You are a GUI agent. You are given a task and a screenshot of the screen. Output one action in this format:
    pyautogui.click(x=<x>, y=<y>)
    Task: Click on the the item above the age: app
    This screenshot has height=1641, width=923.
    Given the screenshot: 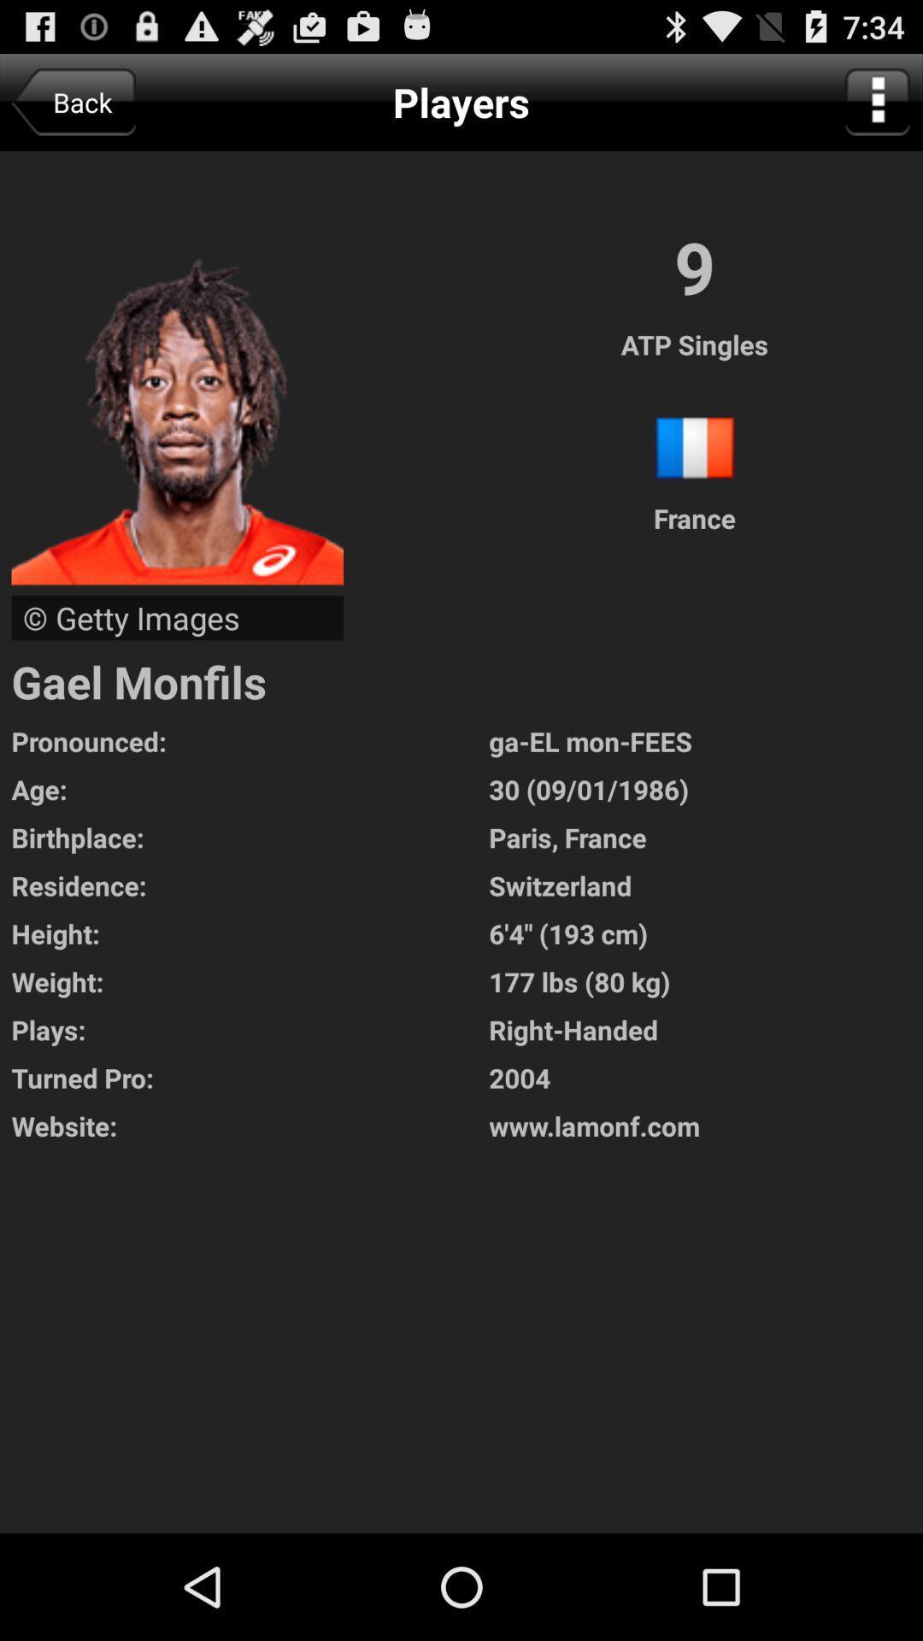 What is the action you would take?
    pyautogui.click(x=250, y=741)
    